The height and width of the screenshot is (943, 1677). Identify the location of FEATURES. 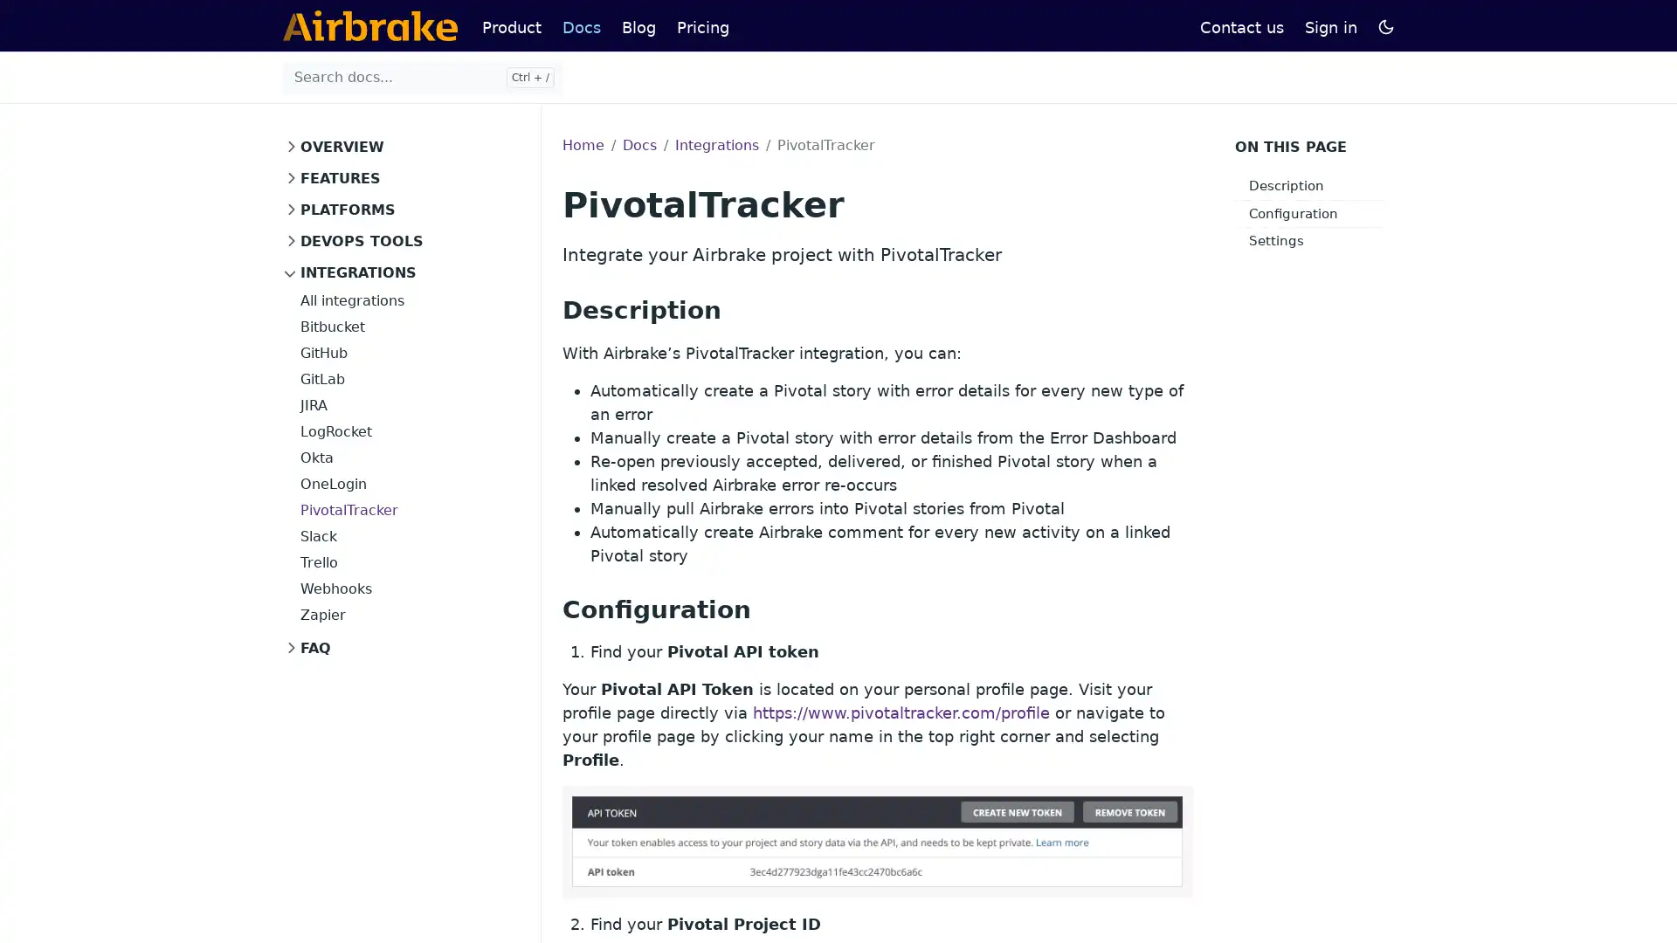
(335, 178).